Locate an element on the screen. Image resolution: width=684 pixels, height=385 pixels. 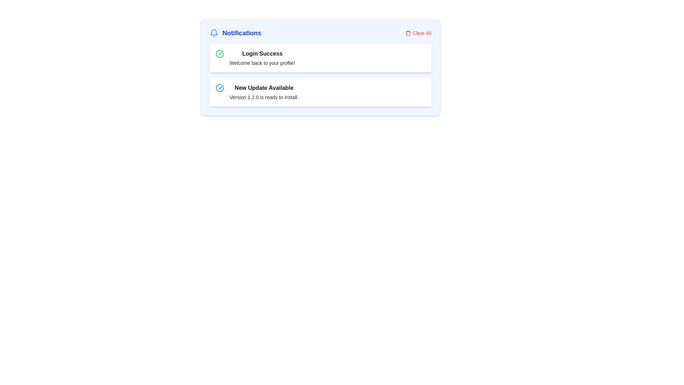
the text element that reads 'Welcome back to your profile!', which is styled with a small font size and gray coloring, located directly below the 'Login Success' text in the notification box is located at coordinates (262, 63).